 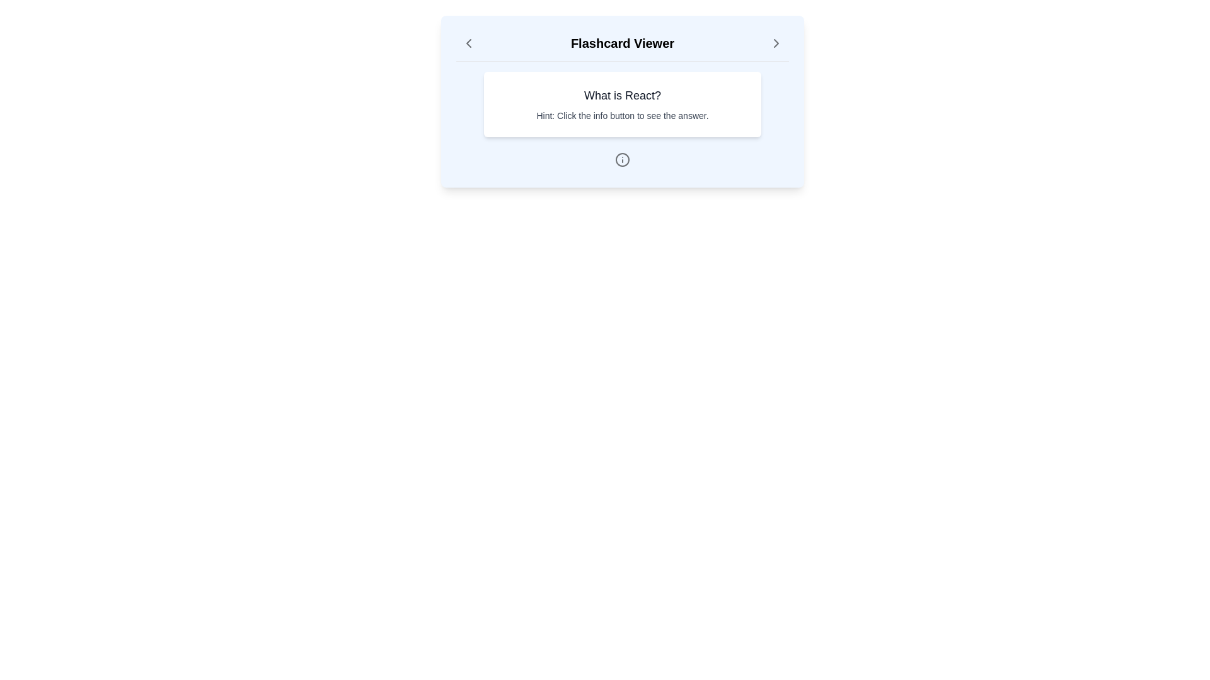 What do you see at coordinates (623, 116) in the screenshot?
I see `the informational text element that provides additional guidance below the 'What is React?' text in the centered card` at bounding box center [623, 116].